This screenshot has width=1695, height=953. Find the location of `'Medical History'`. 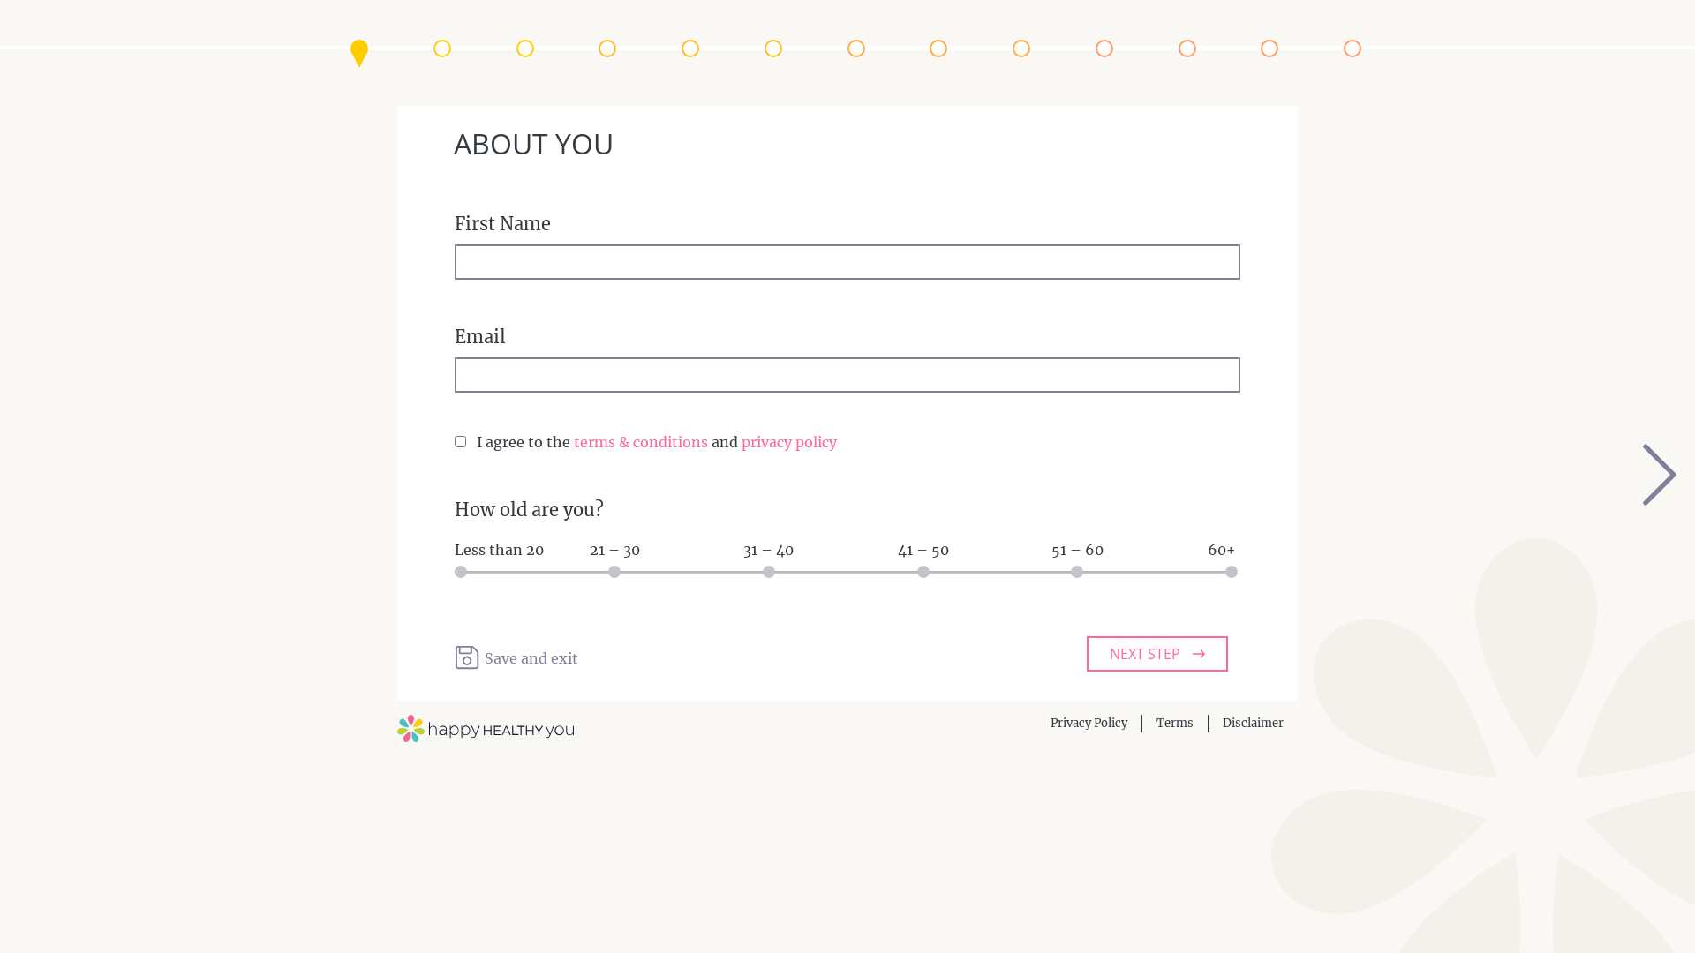

'Medical History' is located at coordinates (433, 47).